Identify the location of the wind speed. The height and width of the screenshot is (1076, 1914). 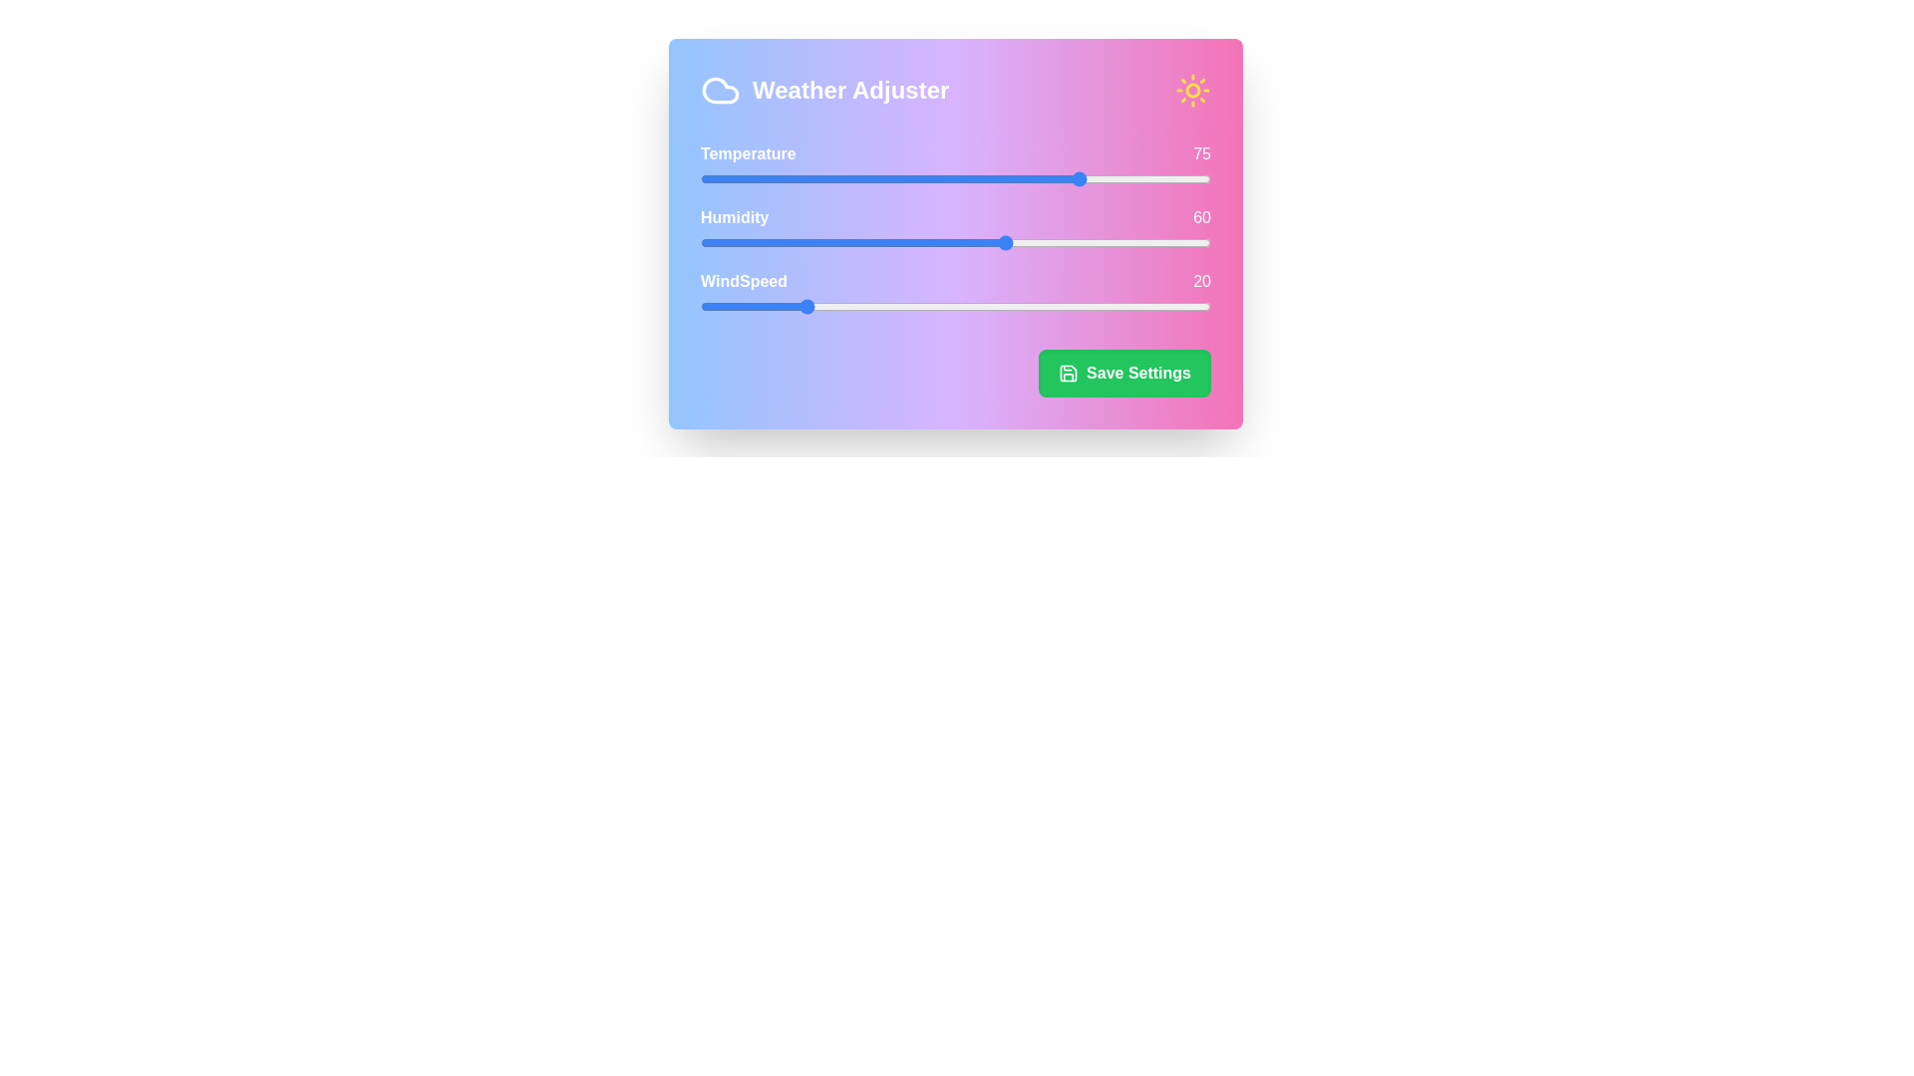
(853, 307).